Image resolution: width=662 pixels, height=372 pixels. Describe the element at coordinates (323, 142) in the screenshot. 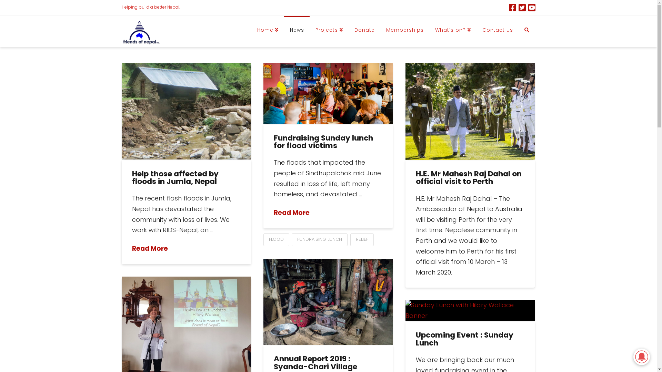

I see `'Fundraising Sunday lunch for flood victims'` at that location.